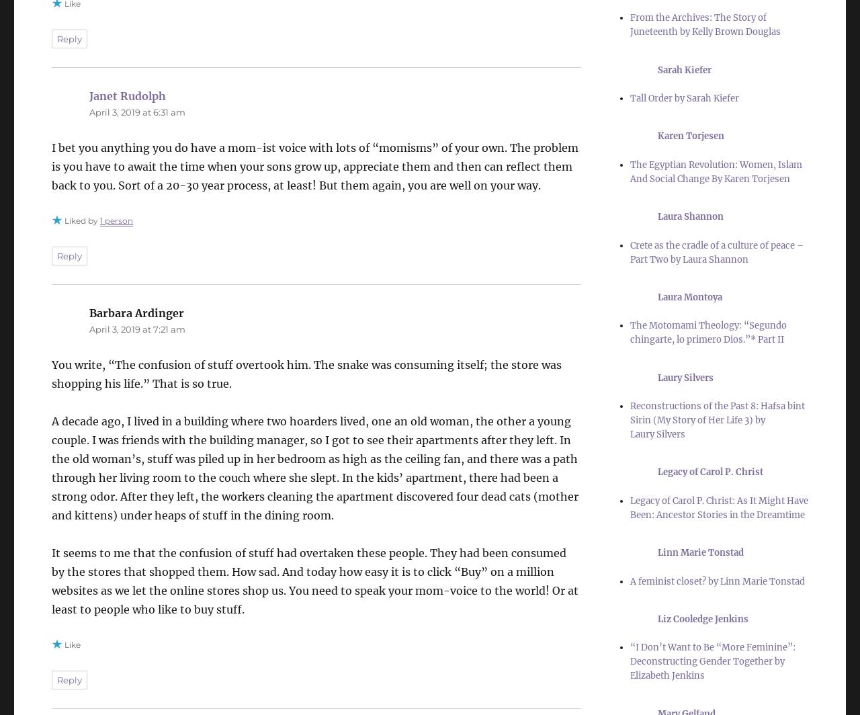 This screenshot has width=860, height=715. What do you see at coordinates (88, 329) in the screenshot?
I see `'April 3, 2019 at 7:21 am'` at bounding box center [88, 329].